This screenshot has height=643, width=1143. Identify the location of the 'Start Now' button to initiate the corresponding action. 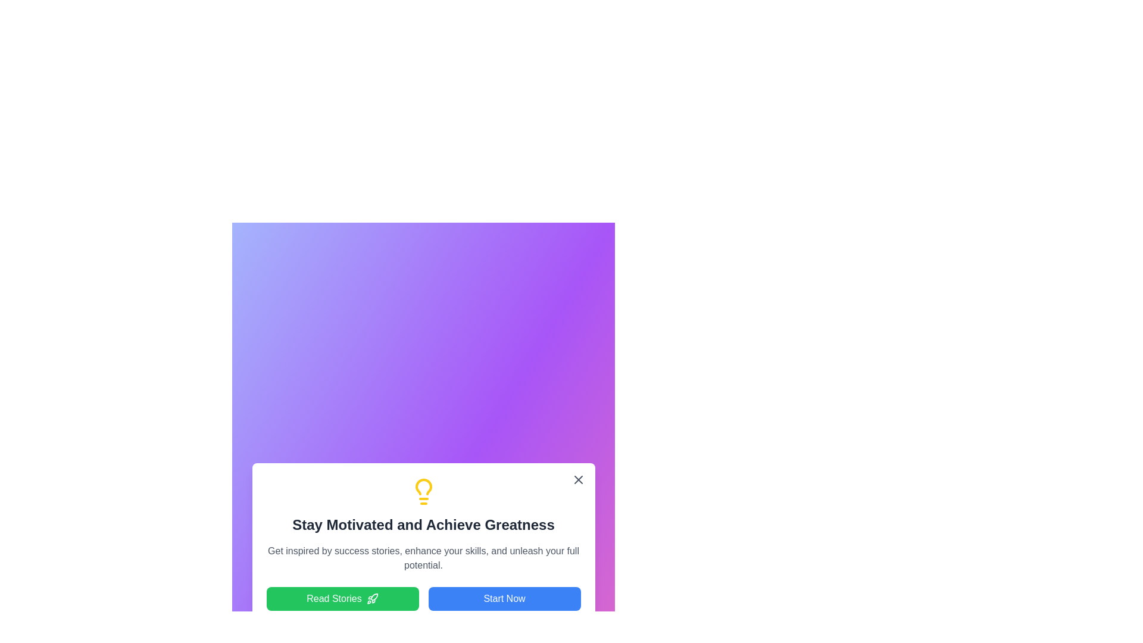
(504, 599).